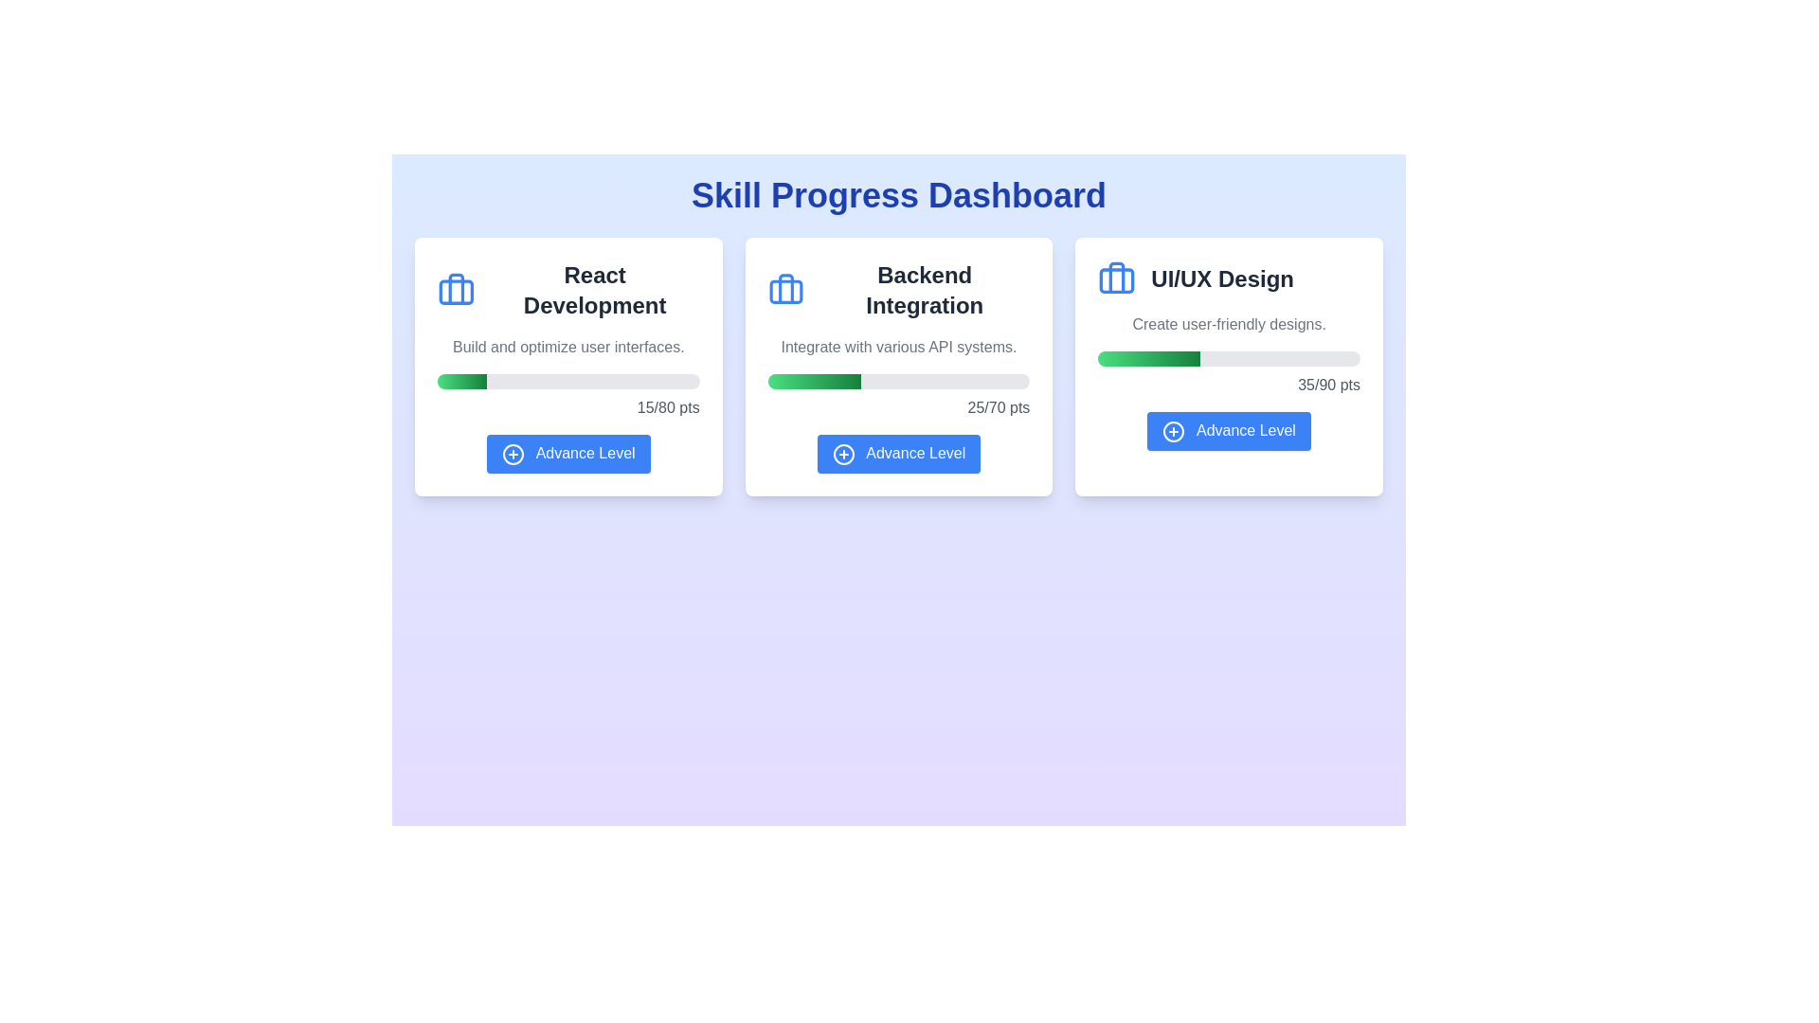  I want to click on the blue briefcase icon located at the top-left of the 'Backend Integration' card, which has a thick blue outline and is positioned before the title text, so click(785, 291).